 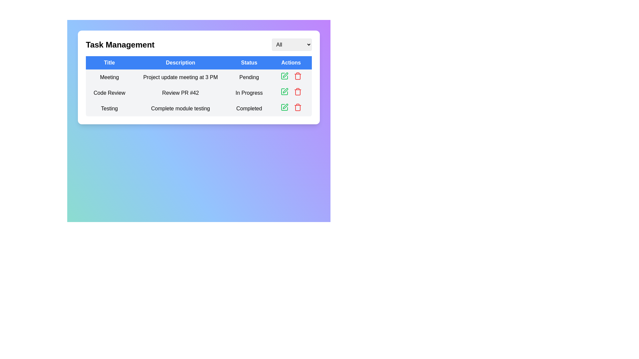 I want to click on the static text element acting as the header for the table column that lists the titles of the tasks, located at the first cell from the left in the header row of the table, so click(x=109, y=63).